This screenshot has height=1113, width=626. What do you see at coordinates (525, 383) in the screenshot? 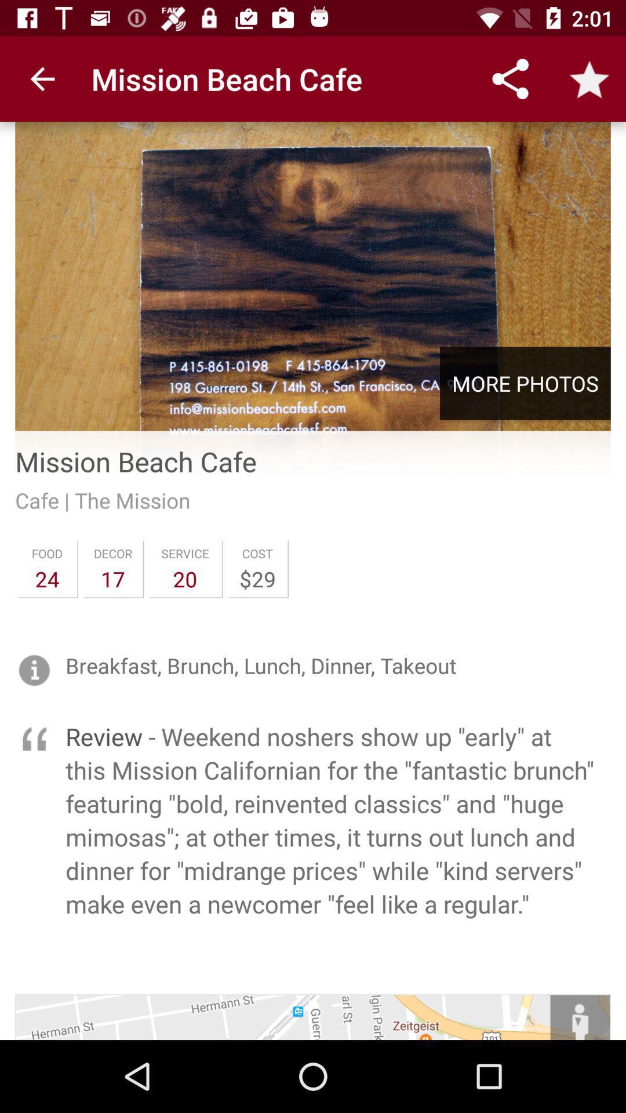
I see `item above the mission beach cafe` at bounding box center [525, 383].